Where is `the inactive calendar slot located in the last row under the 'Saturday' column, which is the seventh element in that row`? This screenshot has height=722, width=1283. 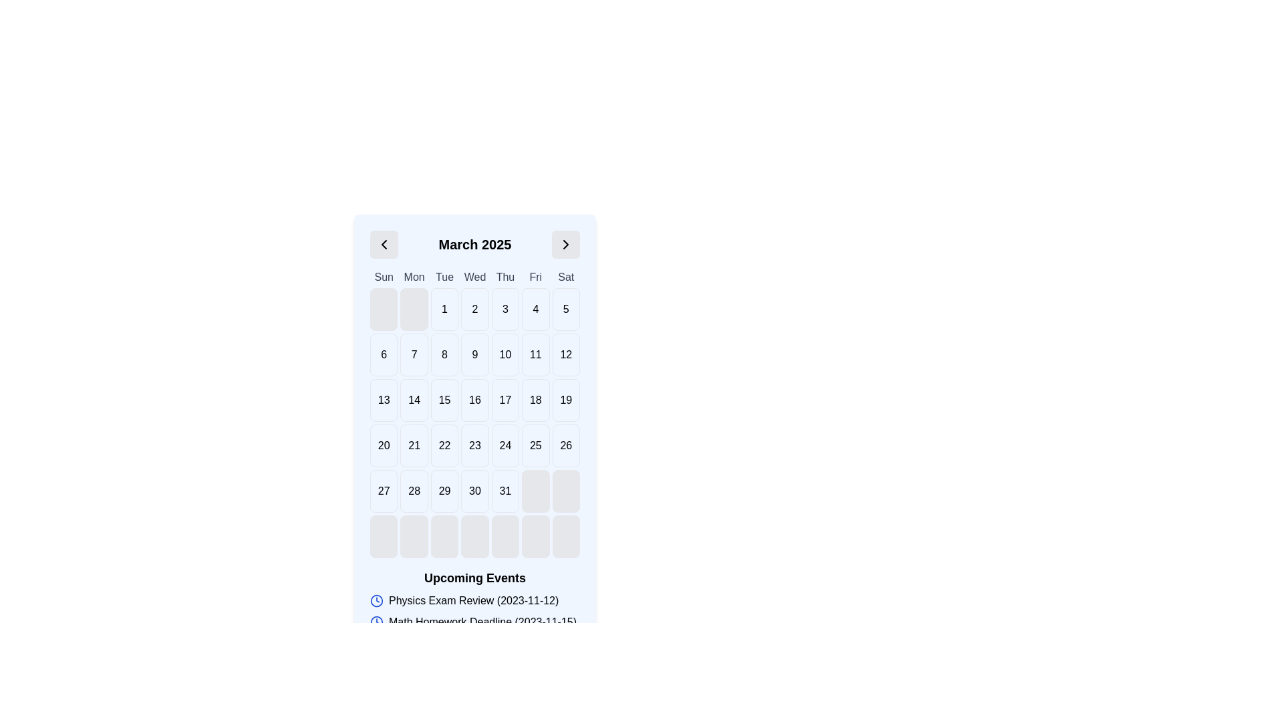
the inactive calendar slot located in the last row under the 'Saturday' column, which is the seventh element in that row is located at coordinates (566, 535).